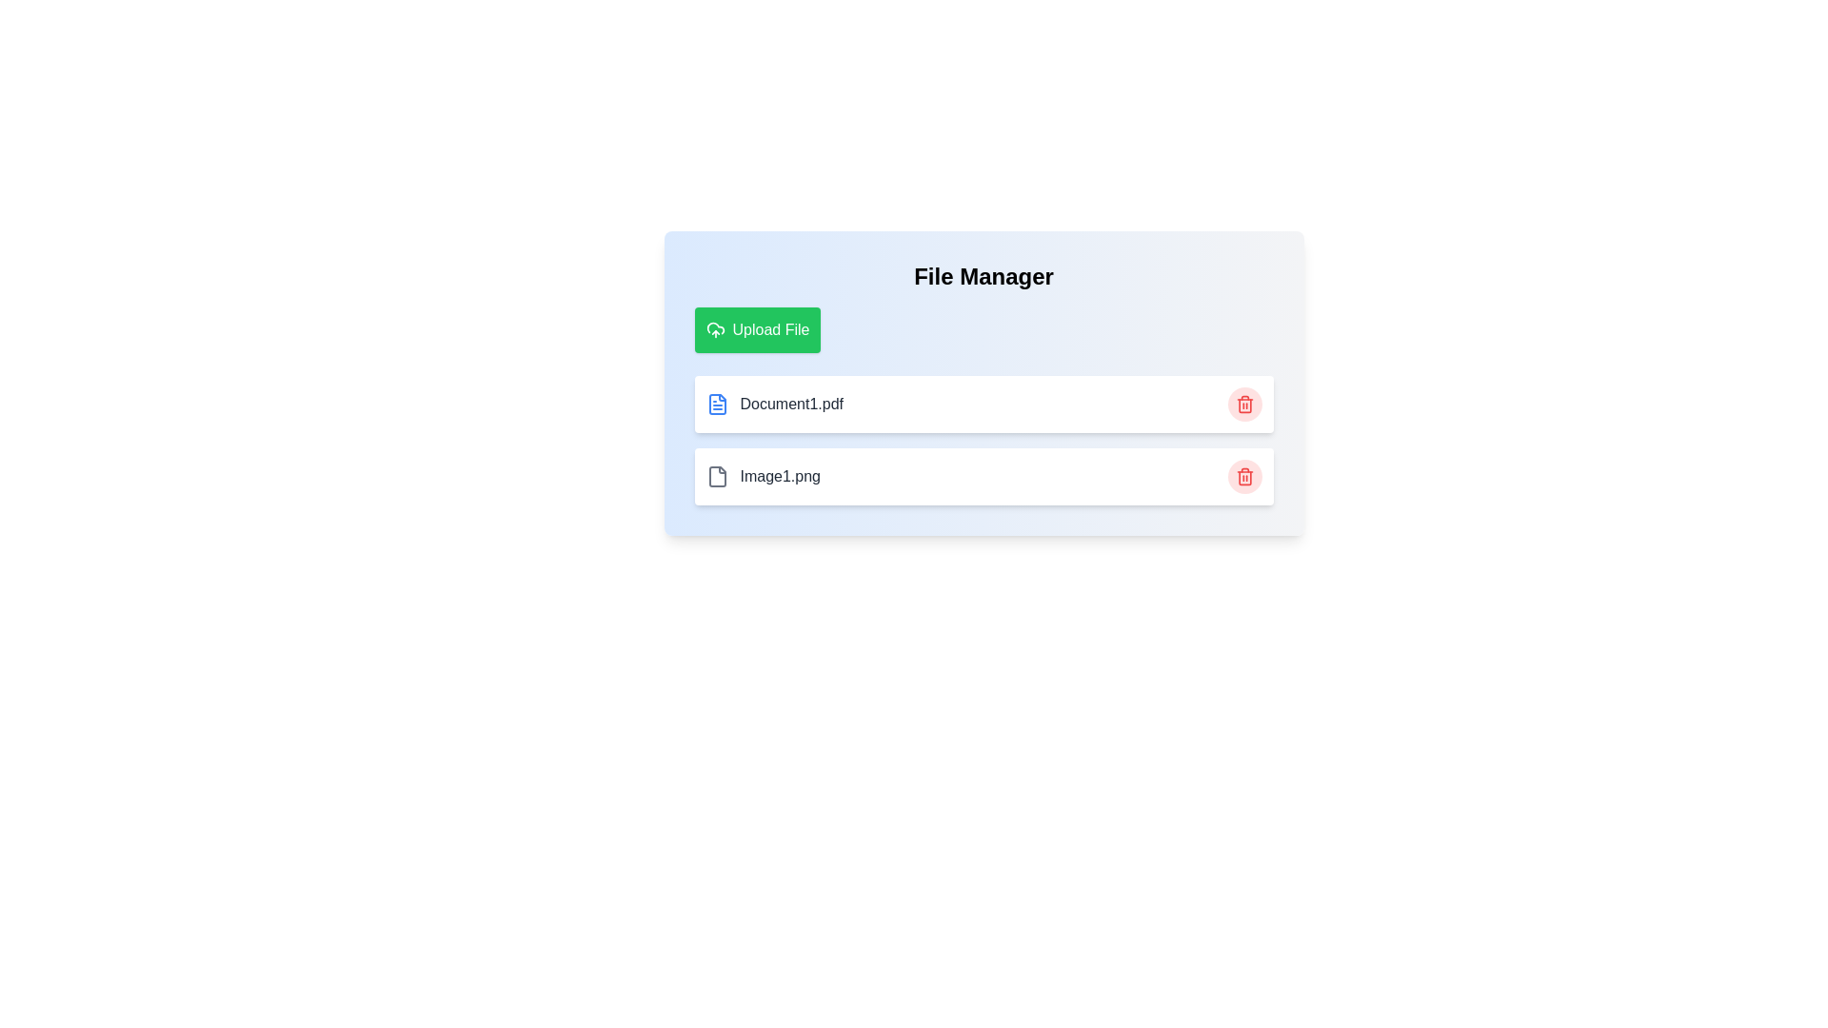 The height and width of the screenshot is (1028, 1828). Describe the element at coordinates (774, 403) in the screenshot. I see `the file item displaying 'Document1.pdf'` at that location.